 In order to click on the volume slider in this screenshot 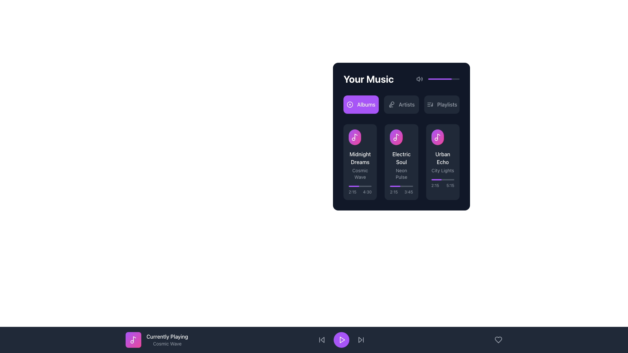, I will do `click(445, 79)`.